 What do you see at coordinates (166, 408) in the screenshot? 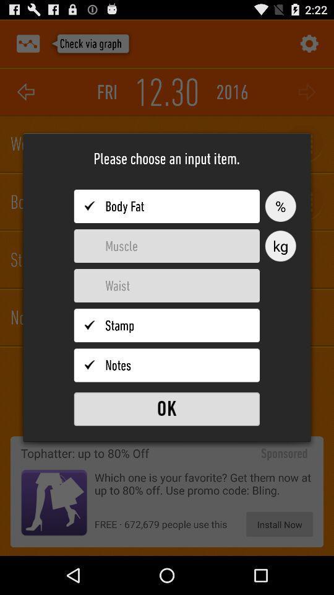
I see `to send` at bounding box center [166, 408].